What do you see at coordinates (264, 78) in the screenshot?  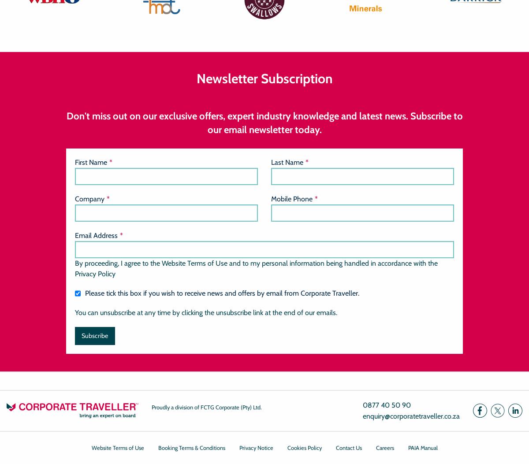 I see `'Newsletter Subscription'` at bounding box center [264, 78].